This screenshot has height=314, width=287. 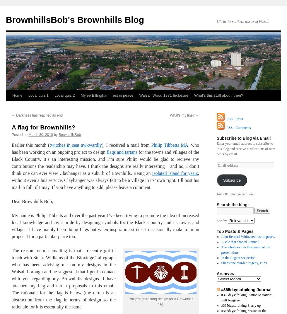 What do you see at coordinates (11, 145) in the screenshot?
I see `'Earlier this month ('` at bounding box center [11, 145].